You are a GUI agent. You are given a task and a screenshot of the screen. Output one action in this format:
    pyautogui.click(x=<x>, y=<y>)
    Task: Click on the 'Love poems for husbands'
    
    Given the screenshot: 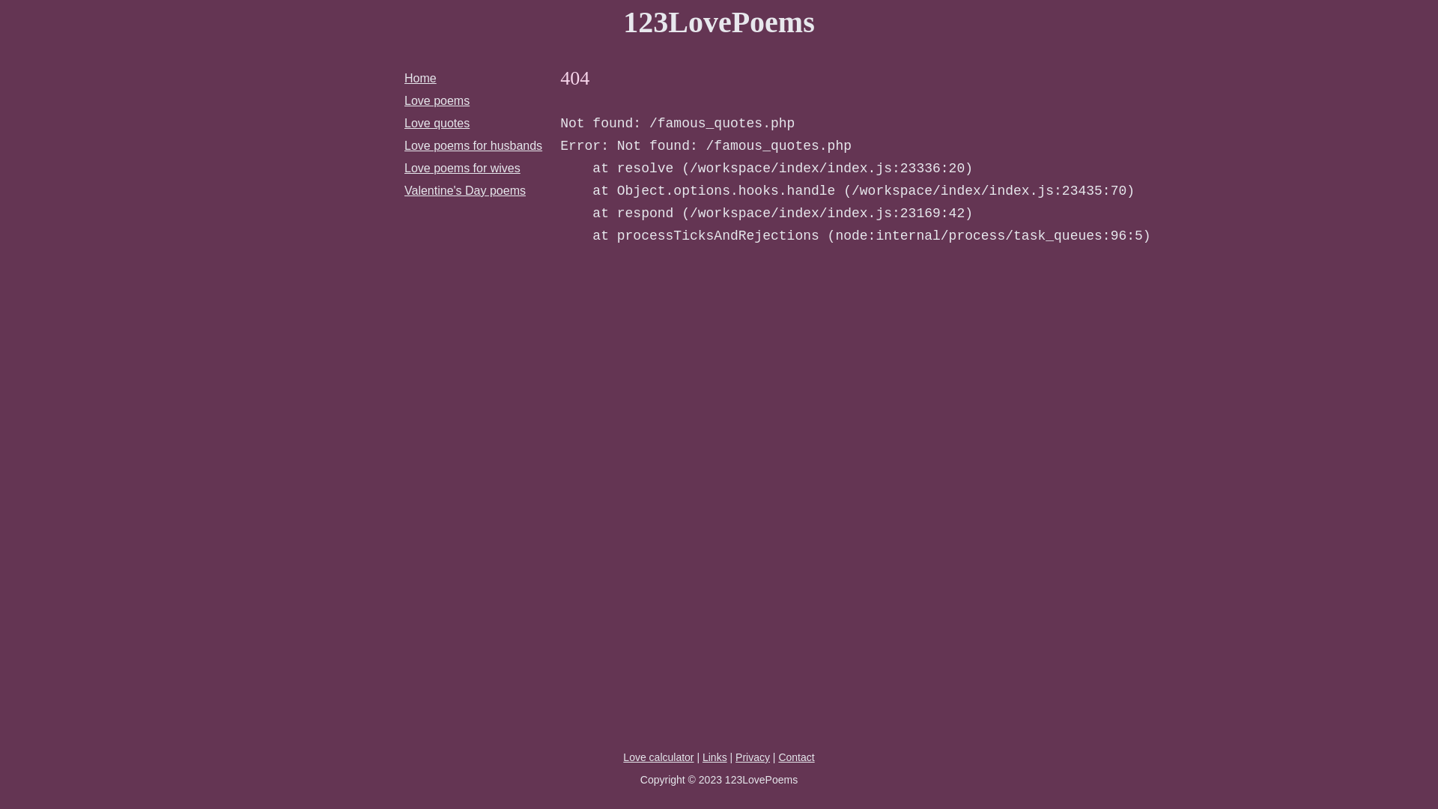 What is the action you would take?
    pyautogui.click(x=473, y=145)
    